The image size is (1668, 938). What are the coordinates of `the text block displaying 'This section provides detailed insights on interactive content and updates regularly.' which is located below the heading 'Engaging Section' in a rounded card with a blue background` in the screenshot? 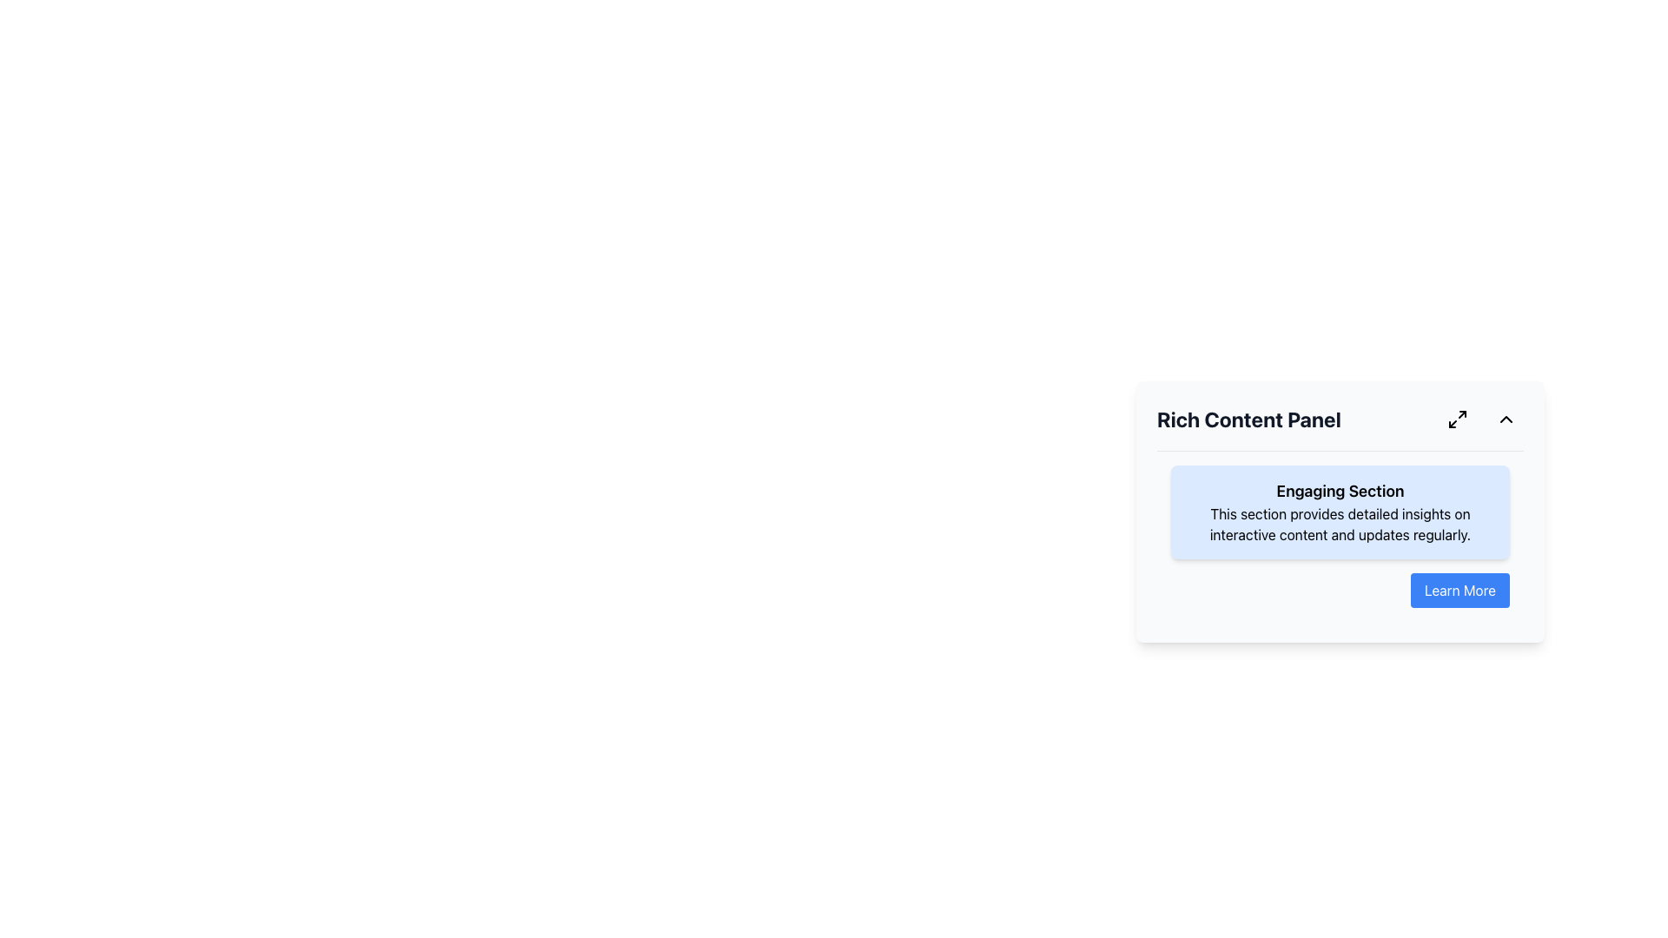 It's located at (1339, 524).